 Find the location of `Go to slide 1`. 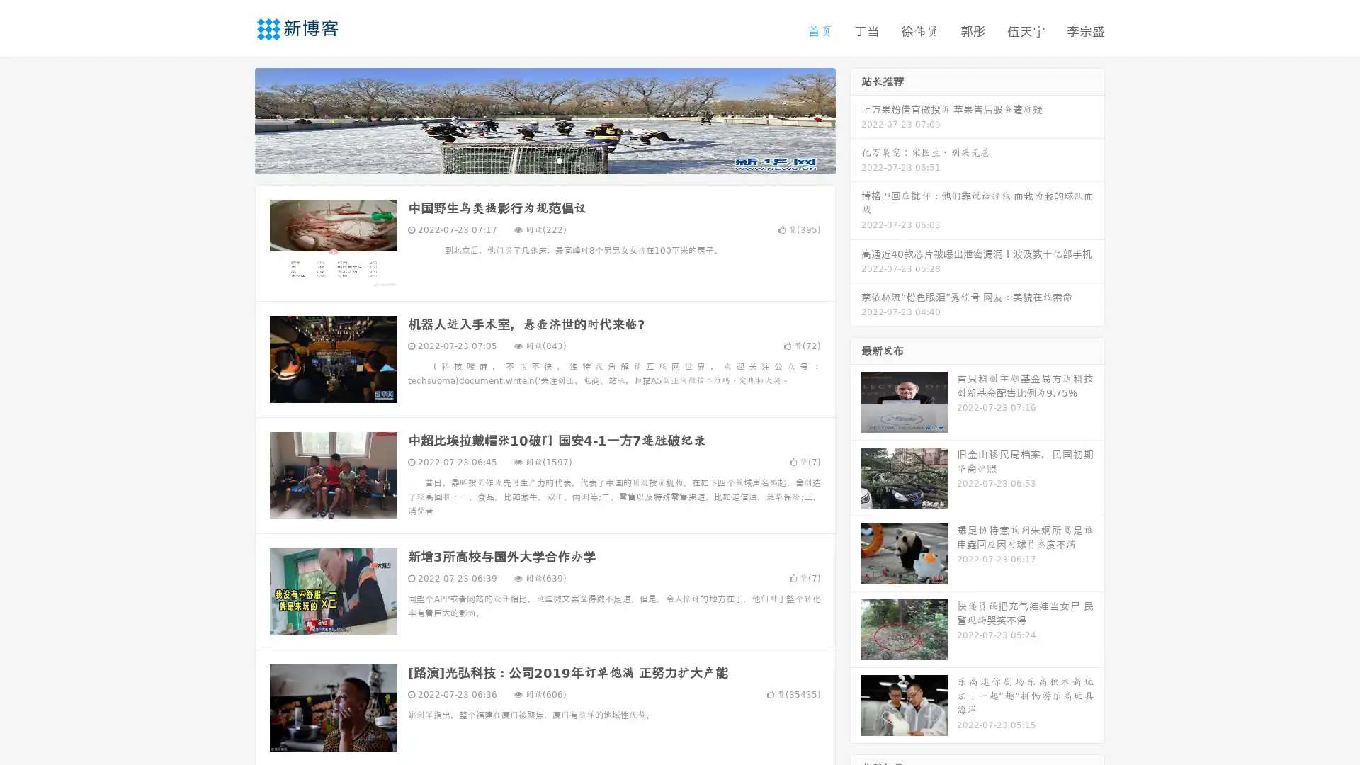

Go to slide 1 is located at coordinates (530, 159).